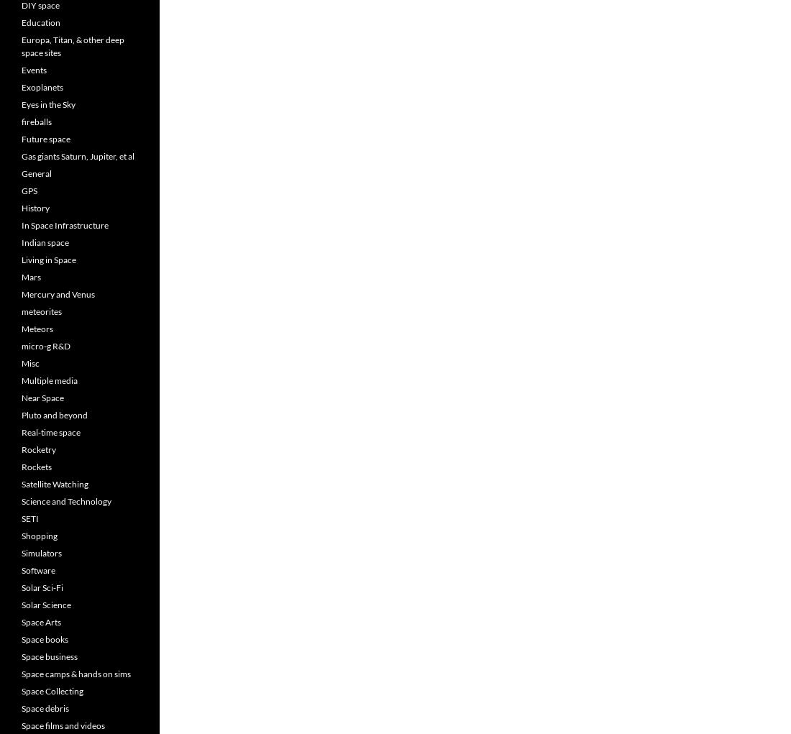 The width and height of the screenshot is (791, 734). I want to click on 'Space camps & hands on sims', so click(76, 674).